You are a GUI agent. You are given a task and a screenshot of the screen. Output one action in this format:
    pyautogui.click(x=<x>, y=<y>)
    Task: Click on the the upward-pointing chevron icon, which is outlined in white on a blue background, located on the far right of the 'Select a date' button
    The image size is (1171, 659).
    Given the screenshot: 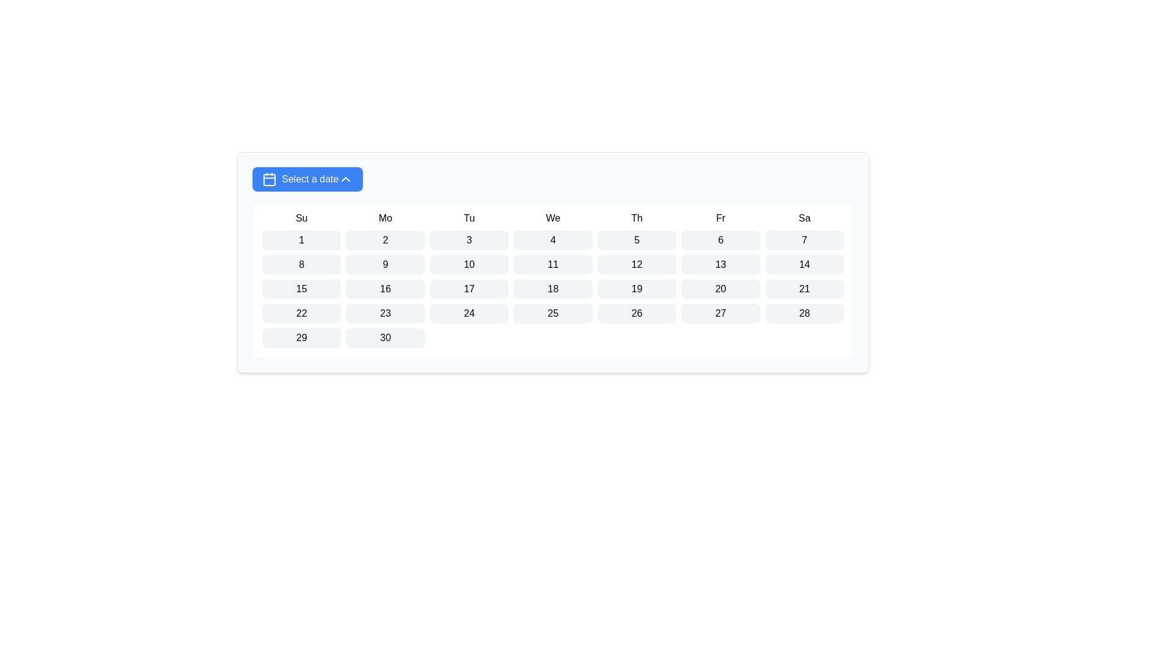 What is the action you would take?
    pyautogui.click(x=345, y=179)
    